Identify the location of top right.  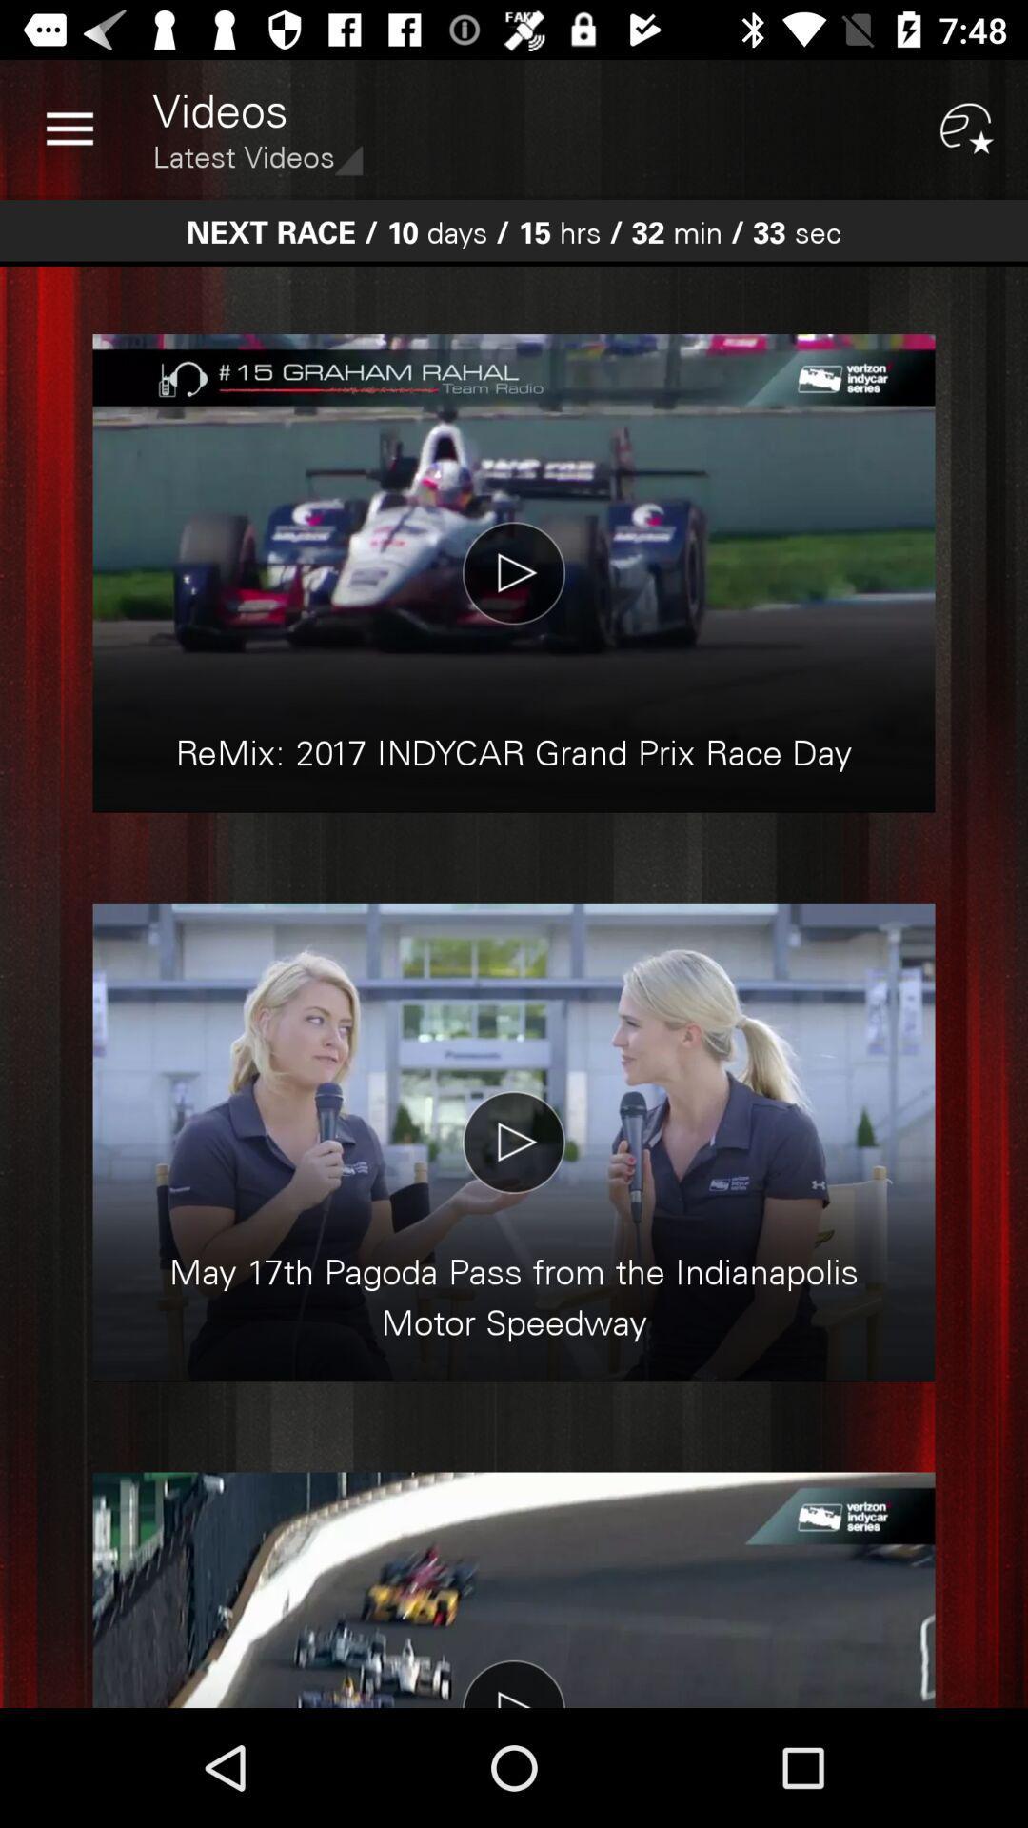
(968, 129).